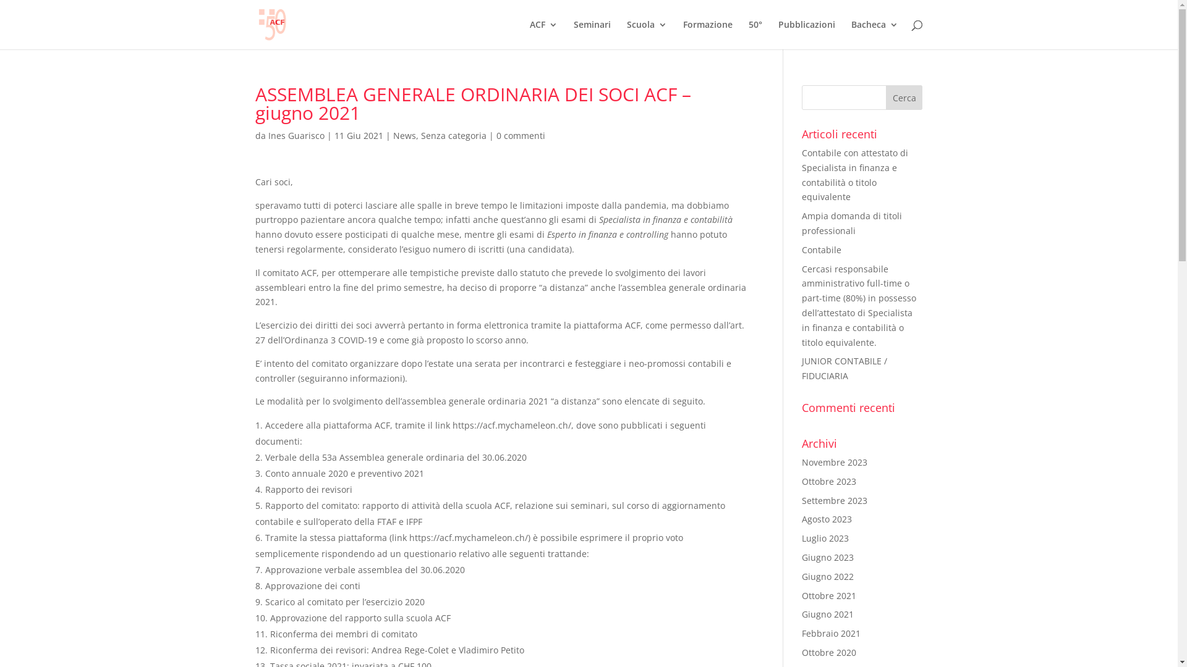 This screenshot has width=1187, height=667. What do you see at coordinates (404, 135) in the screenshot?
I see `'News'` at bounding box center [404, 135].